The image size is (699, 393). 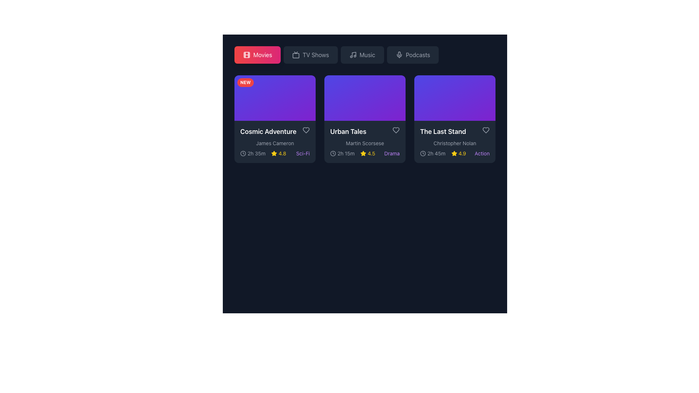 I want to click on the decorative circular graphical component representing a clock icon within the 'Urban Tales' card, located near the bottom section next to the card details, so click(x=333, y=153).